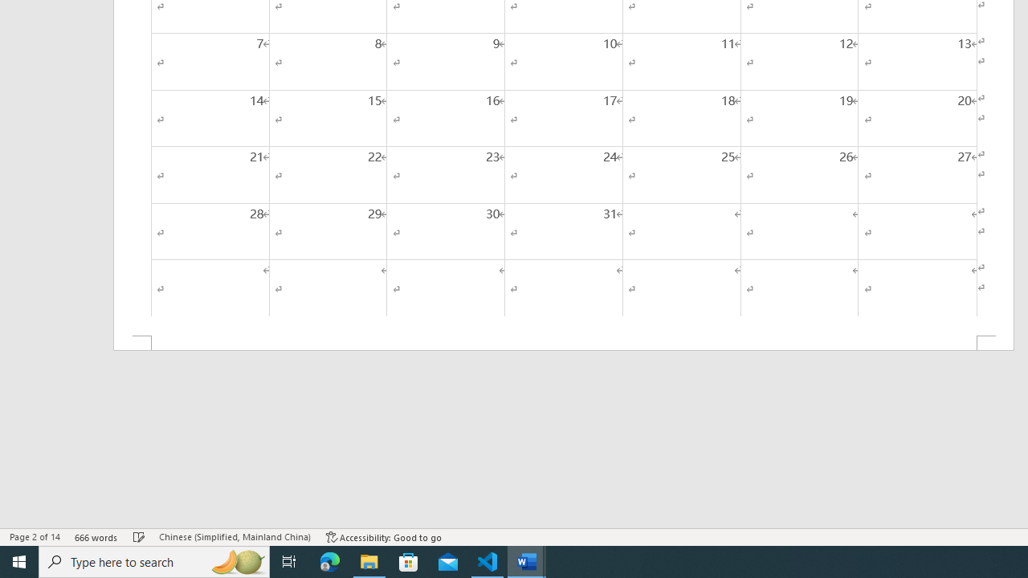 The width and height of the screenshot is (1028, 578). What do you see at coordinates (329, 560) in the screenshot?
I see `'Microsoft Edge'` at bounding box center [329, 560].